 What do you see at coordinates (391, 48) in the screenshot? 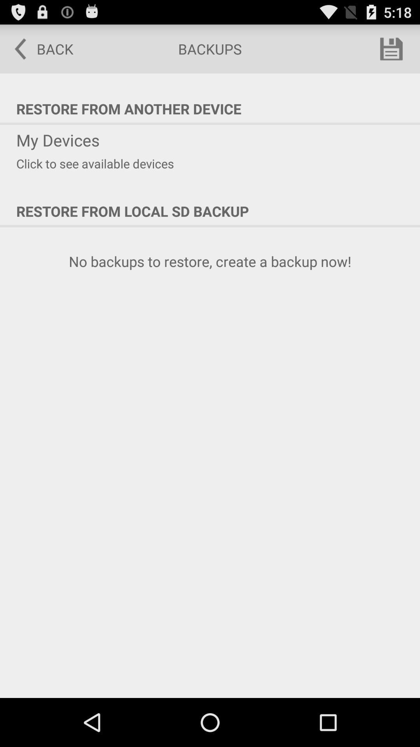
I see `information` at bounding box center [391, 48].